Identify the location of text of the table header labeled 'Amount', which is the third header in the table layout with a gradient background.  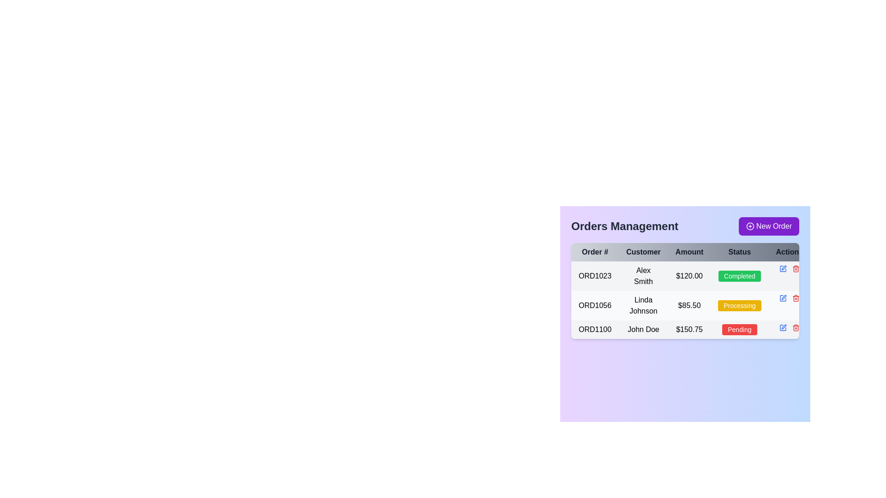
(691, 252).